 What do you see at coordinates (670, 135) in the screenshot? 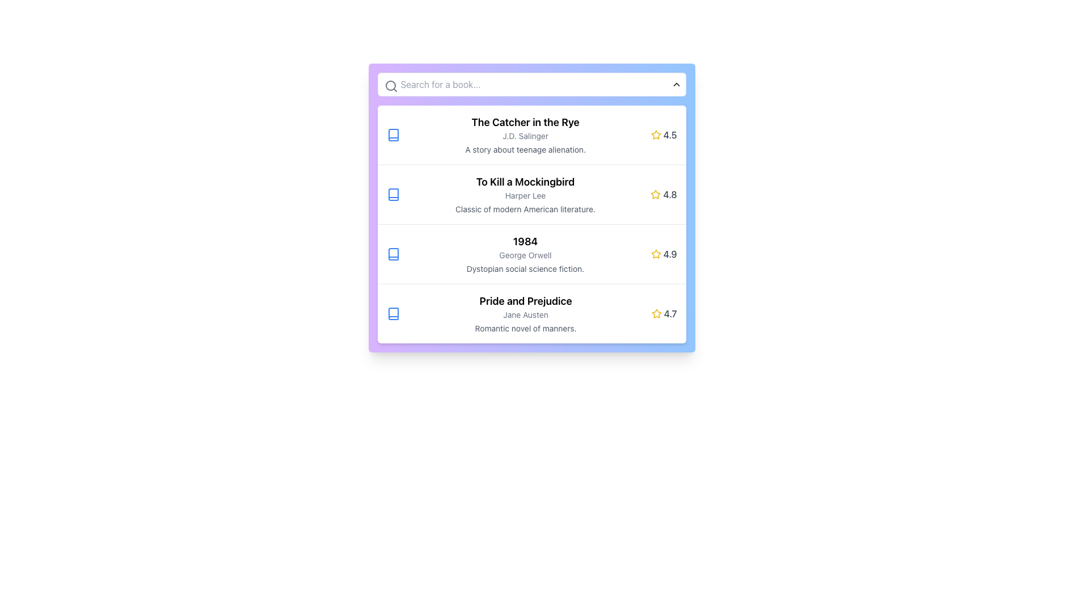
I see `the text label displaying the rating '4.5' for 'The Catcher in the Rye', positioned to the right of the yellow star icon` at bounding box center [670, 135].